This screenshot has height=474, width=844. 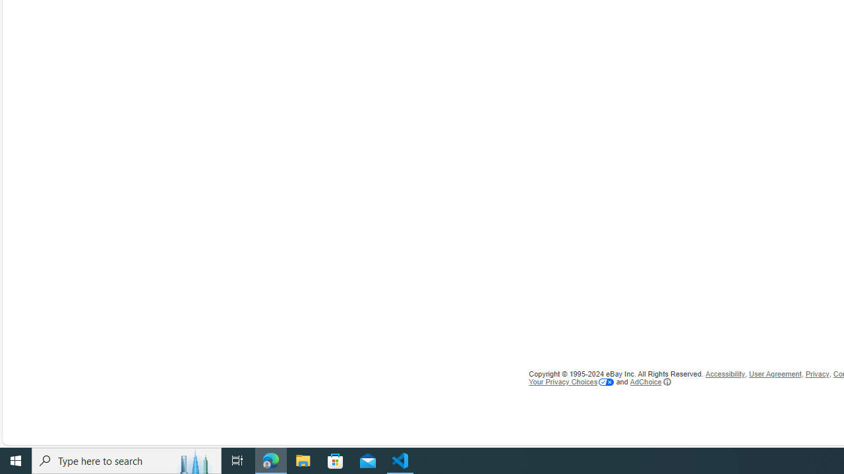 What do you see at coordinates (572, 381) in the screenshot?
I see `'Your Privacy Choices'` at bounding box center [572, 381].